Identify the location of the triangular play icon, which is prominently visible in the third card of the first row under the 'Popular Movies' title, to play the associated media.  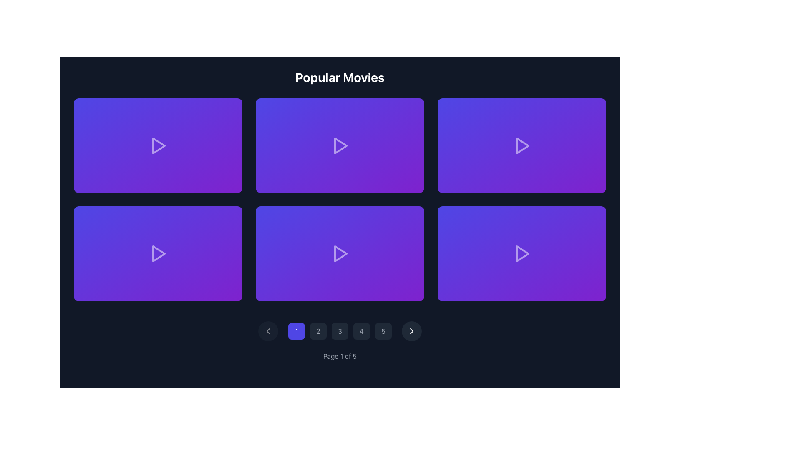
(522, 145).